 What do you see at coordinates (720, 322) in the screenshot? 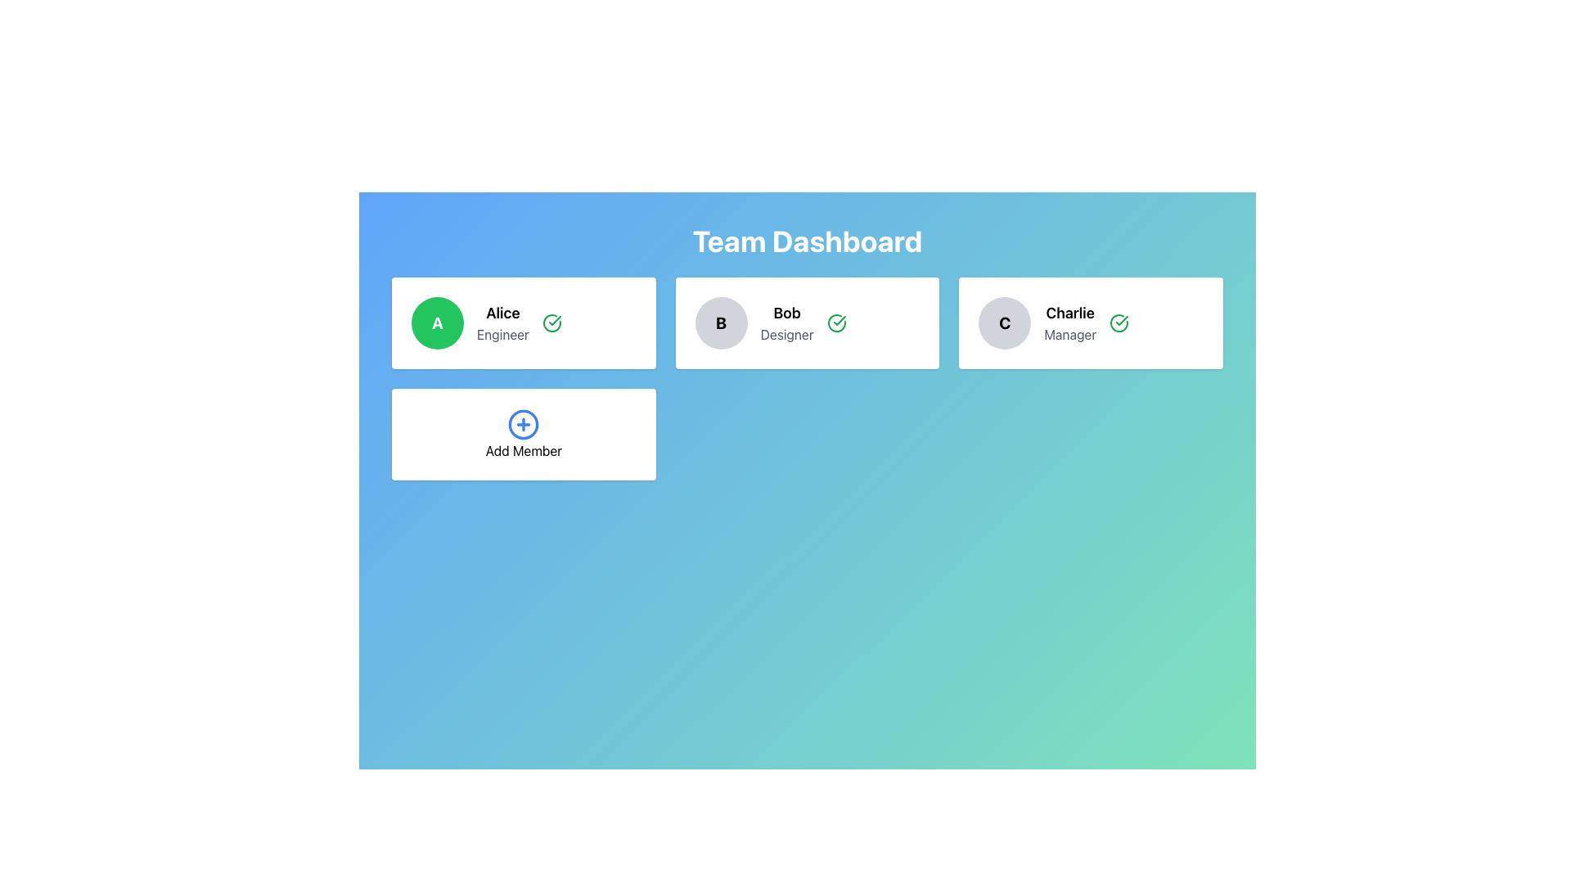
I see `the circular profile icon with a light gray background and the letter 'B' in bold black font, which is located on the left side of Bob's information card` at bounding box center [720, 322].